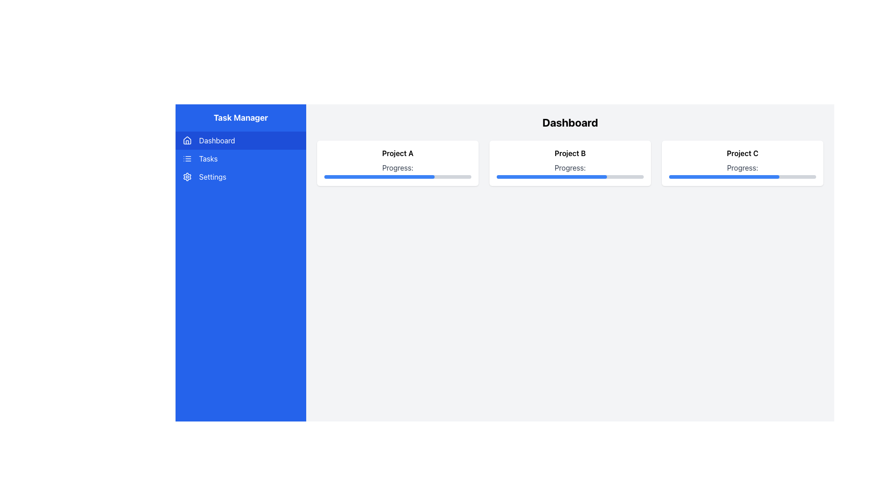 Image resolution: width=871 pixels, height=490 pixels. Describe the element at coordinates (241, 117) in the screenshot. I see `the text label at the top of the vertical sidebar menu, which indicates the purpose or scope of the menu` at that location.